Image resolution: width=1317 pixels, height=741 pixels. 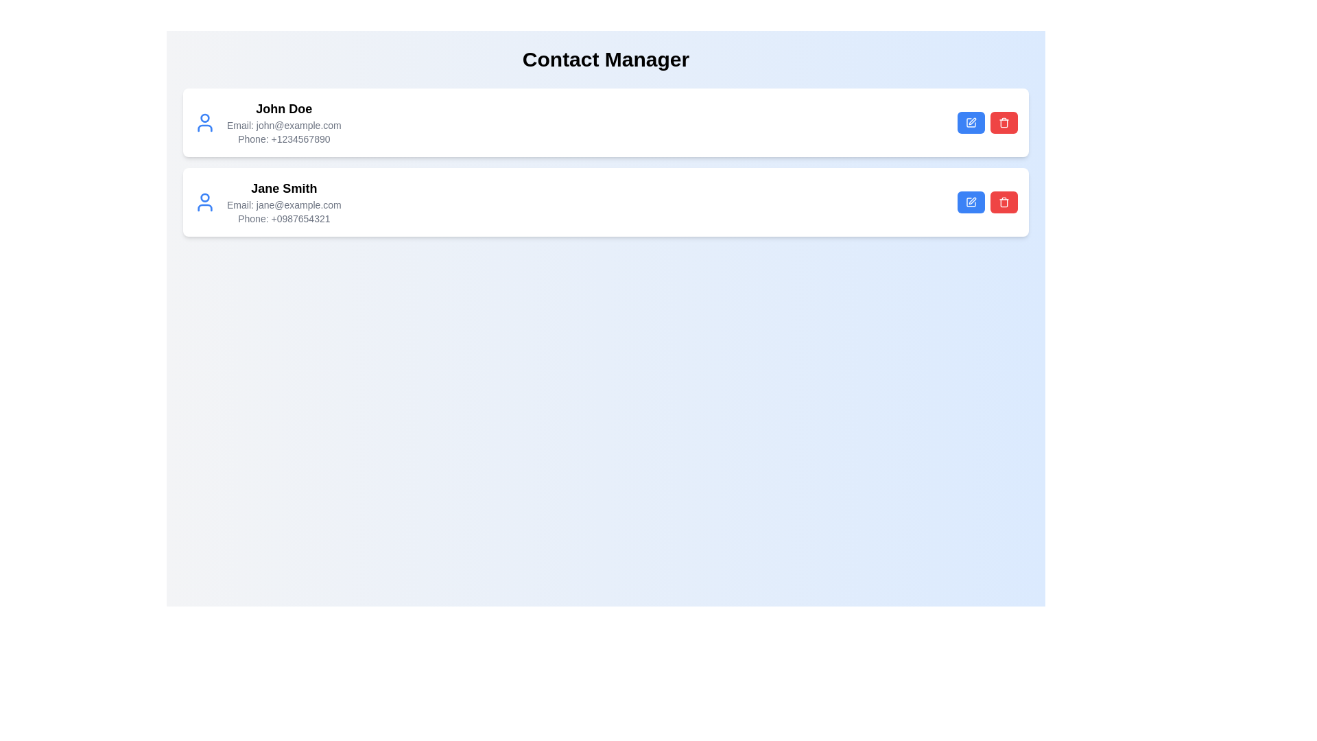 What do you see at coordinates (971, 121) in the screenshot?
I see `the edit icon located in the top right corner of the first contact information card, which is embedded within a blue circular button` at bounding box center [971, 121].